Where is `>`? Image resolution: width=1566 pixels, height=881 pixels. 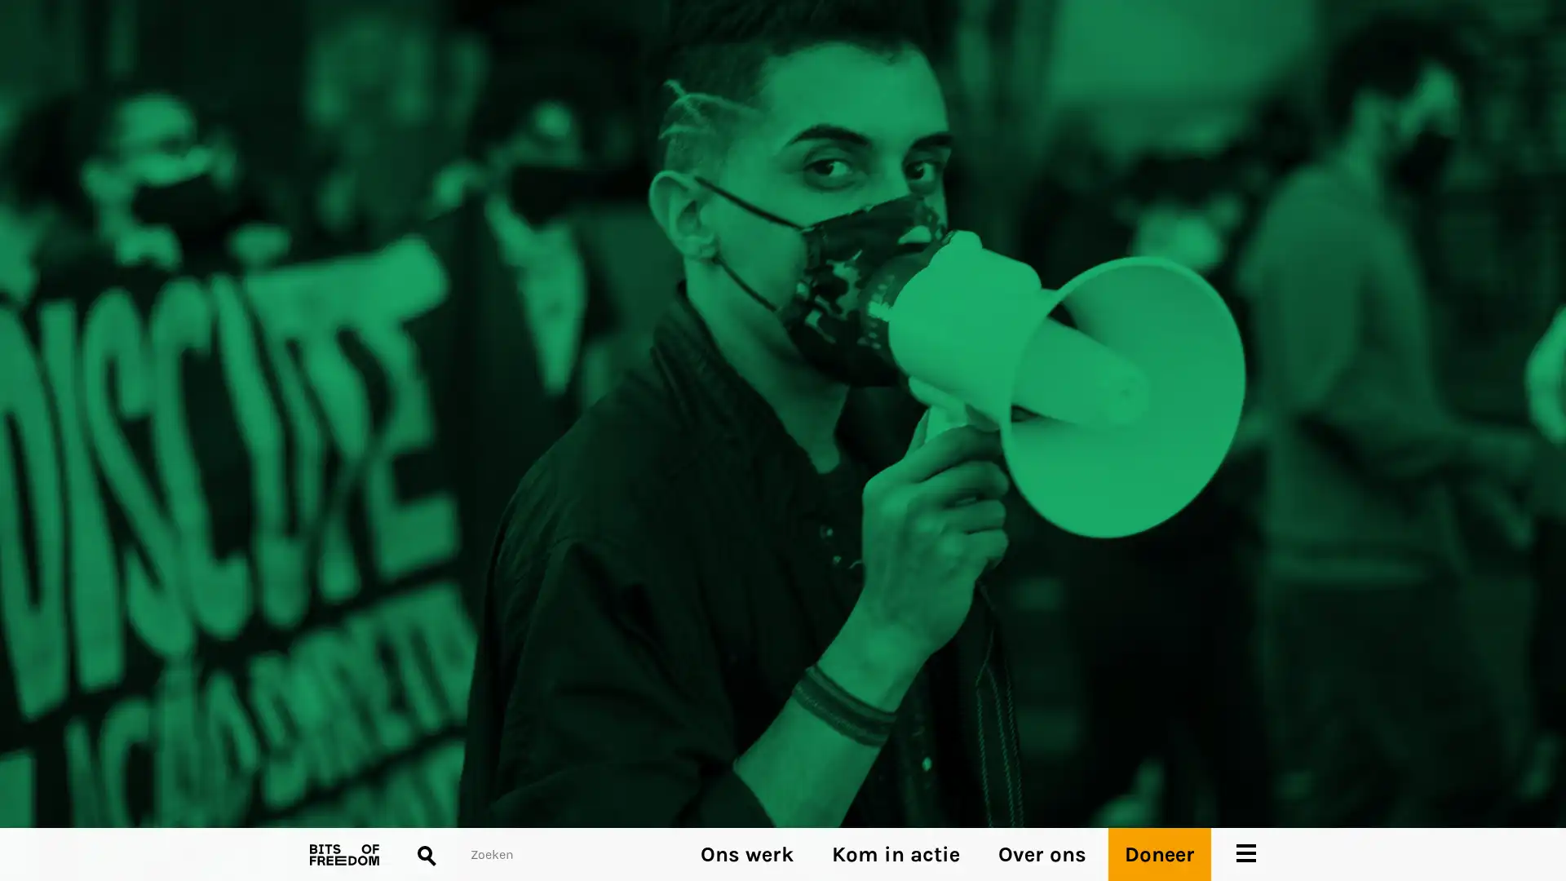 > is located at coordinates (814, 502).